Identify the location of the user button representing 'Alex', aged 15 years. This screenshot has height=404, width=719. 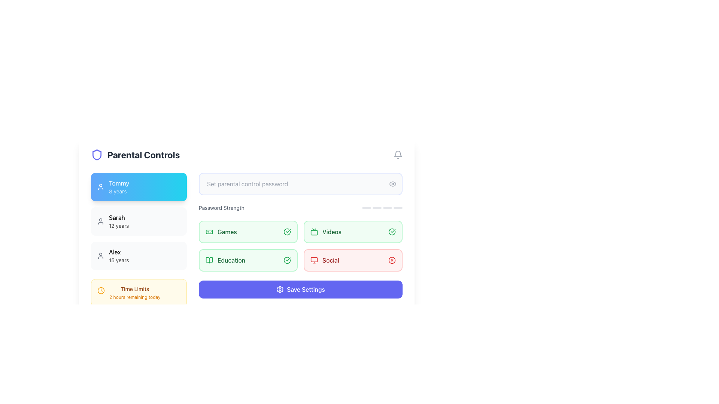
(139, 255).